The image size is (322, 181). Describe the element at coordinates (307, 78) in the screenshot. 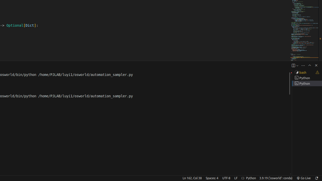

I see `'Terminal 2 Python'` at that location.